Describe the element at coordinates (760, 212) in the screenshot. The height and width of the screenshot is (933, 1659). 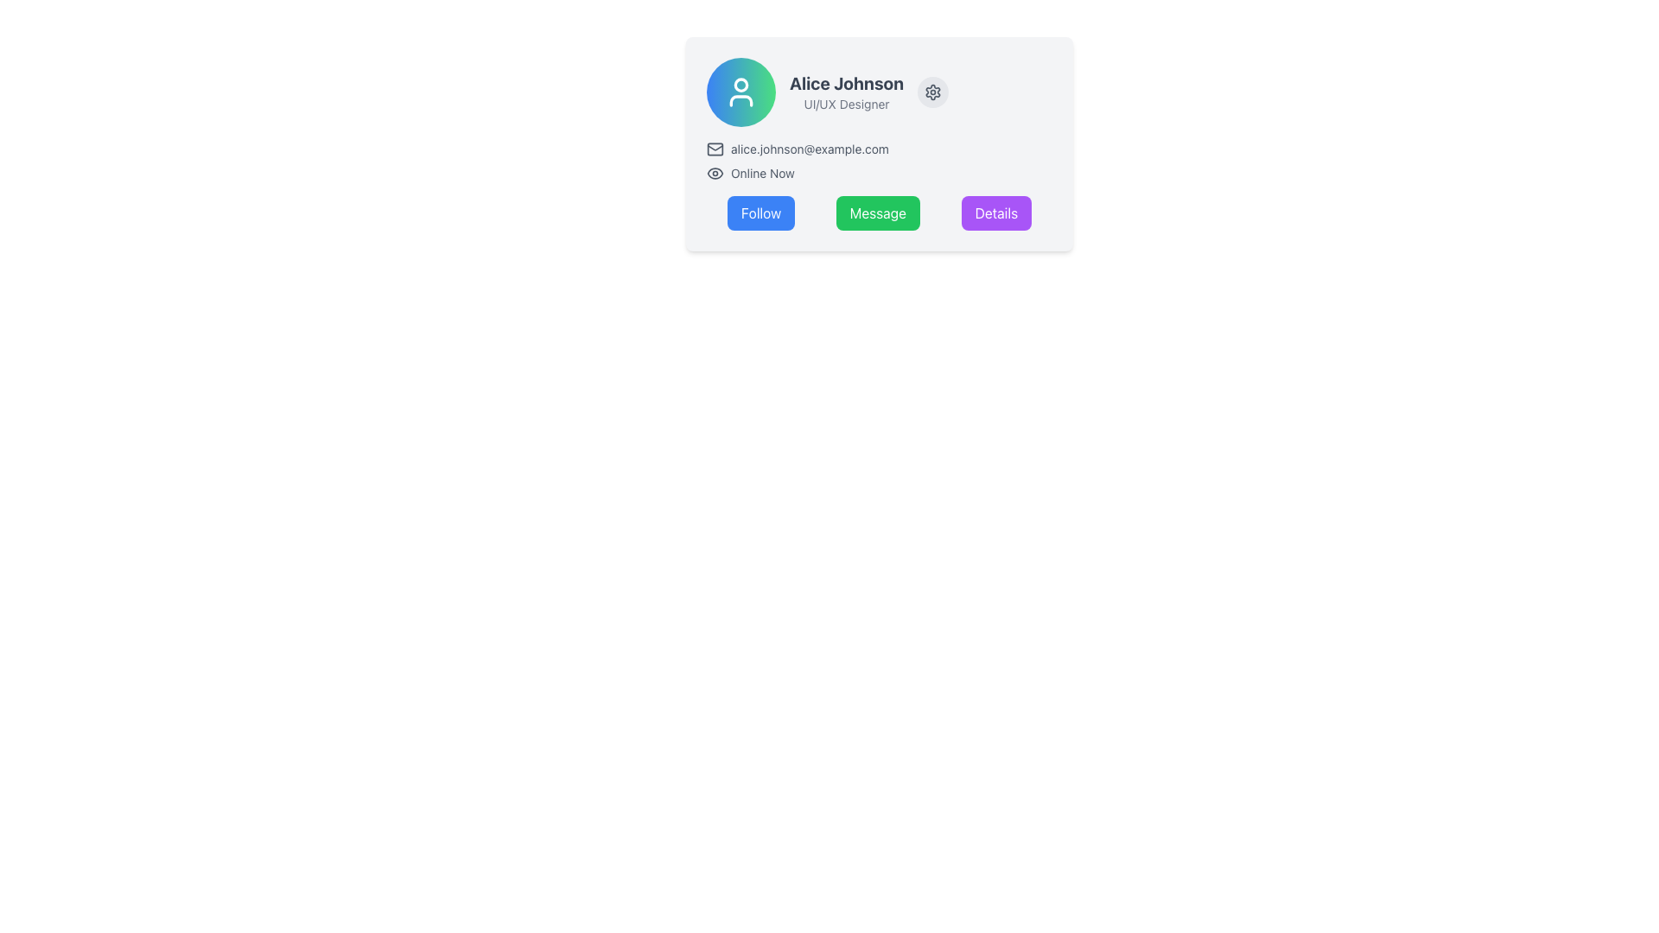
I see `the blue 'Follow' button with rounded corners to initiate the follow action` at that location.